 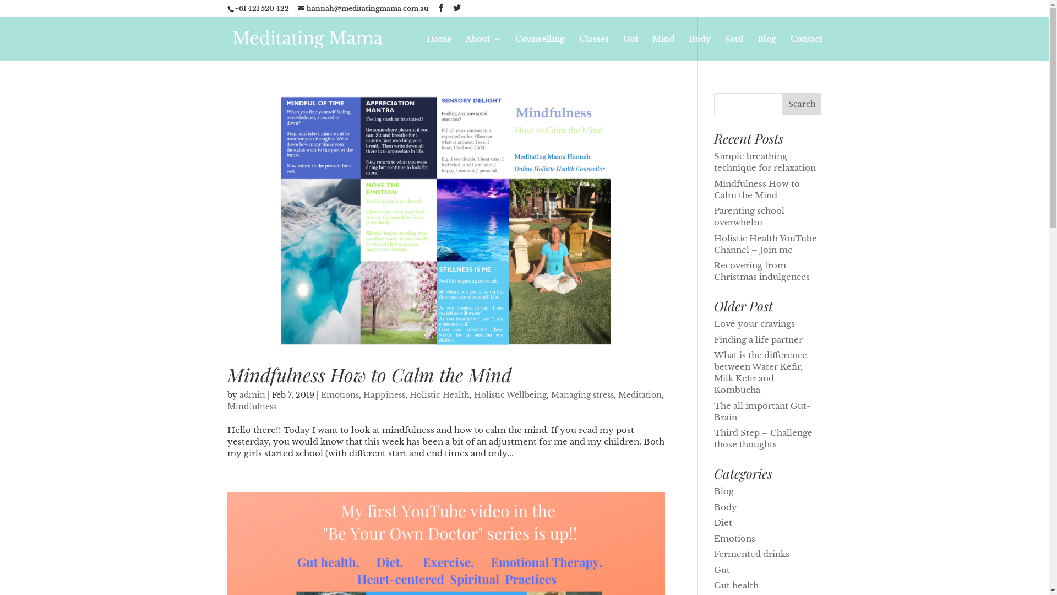 What do you see at coordinates (761, 410) in the screenshot?
I see `'The all important Gut-Brain'` at bounding box center [761, 410].